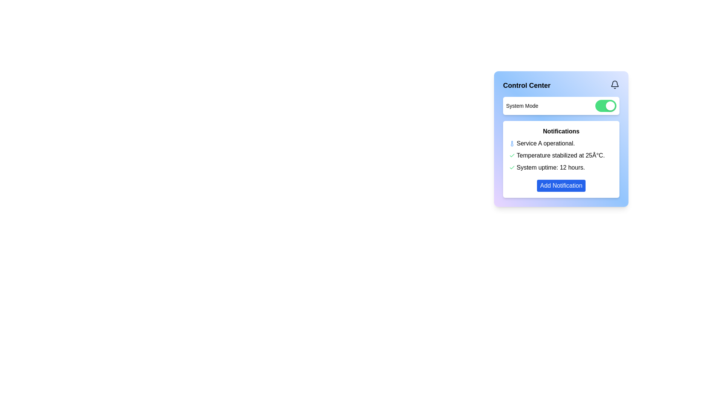  I want to click on the toggle knob at the right end of the toggle switch, so click(610, 106).